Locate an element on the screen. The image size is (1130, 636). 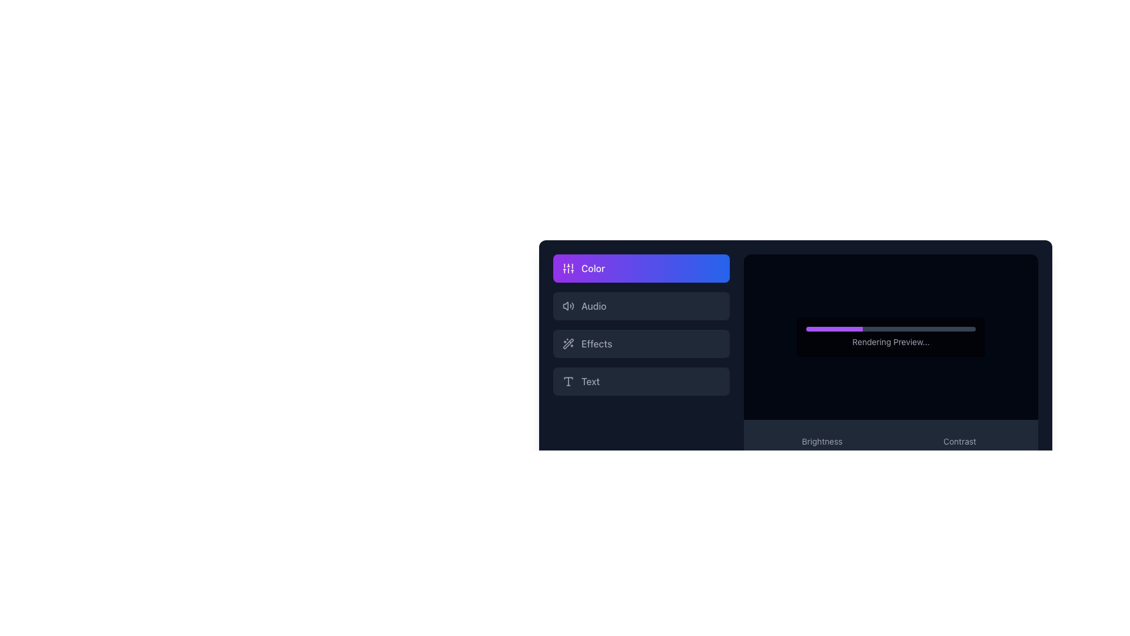
the fourth button in the vertical stack of buttons in the left-hand menu is located at coordinates (640, 382).